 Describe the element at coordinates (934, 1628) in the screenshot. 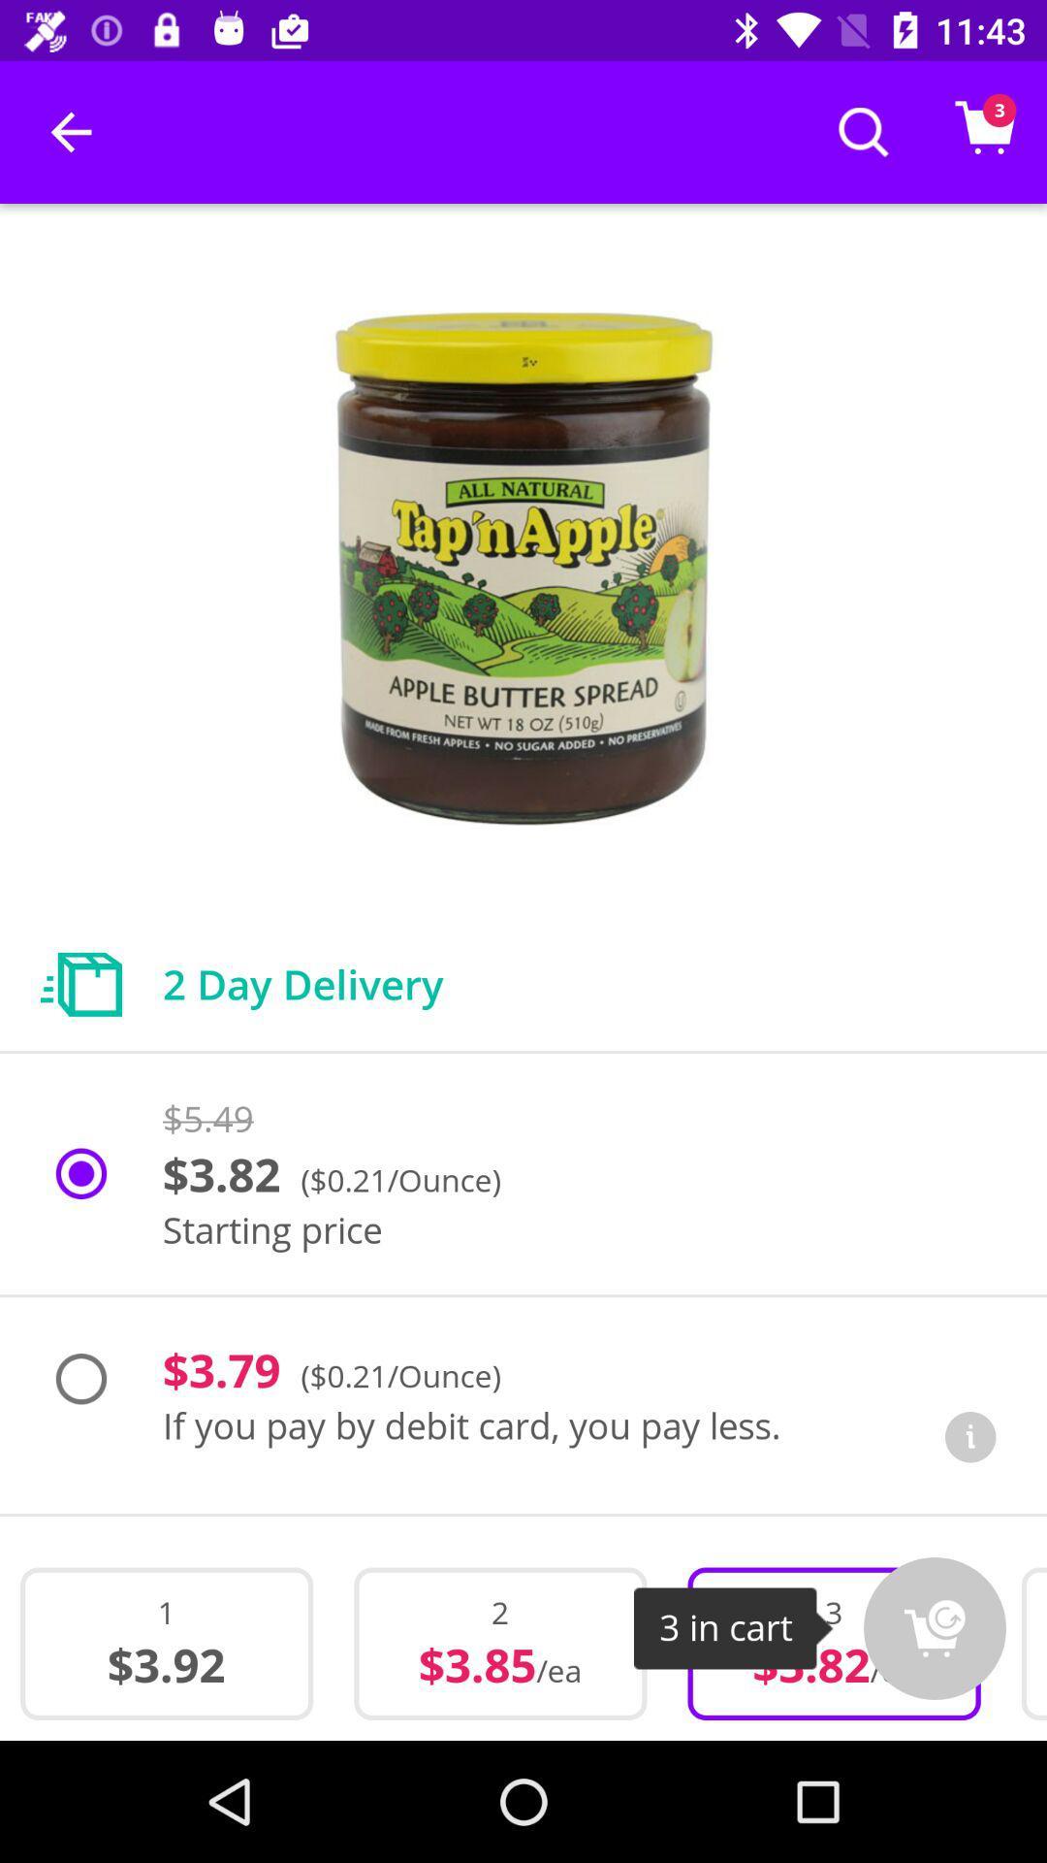

I see `open shopping cart` at that location.